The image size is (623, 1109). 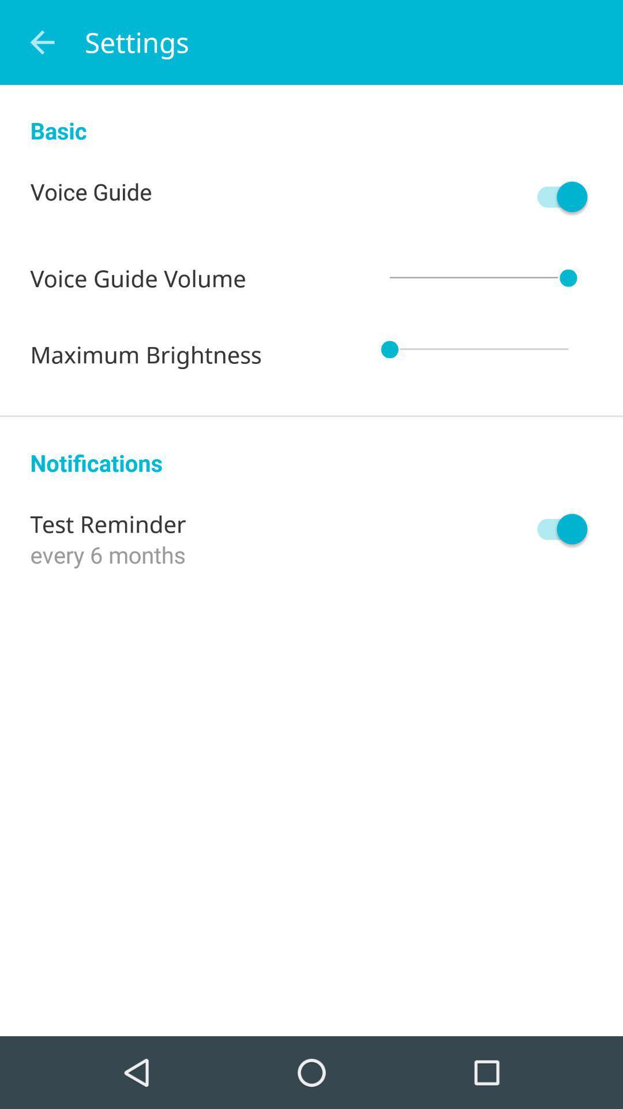 I want to click on voice guide on/off, so click(x=556, y=196).